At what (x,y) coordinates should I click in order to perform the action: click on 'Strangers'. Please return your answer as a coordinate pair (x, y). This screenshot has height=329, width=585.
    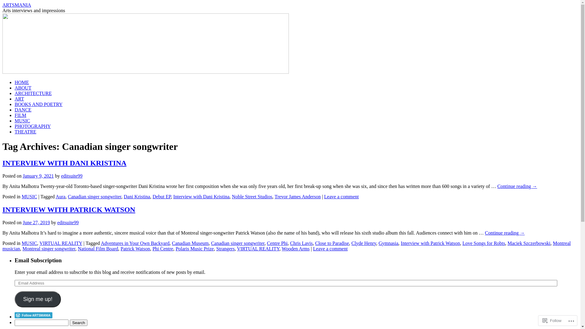
    Looking at the image, I should click on (216, 249).